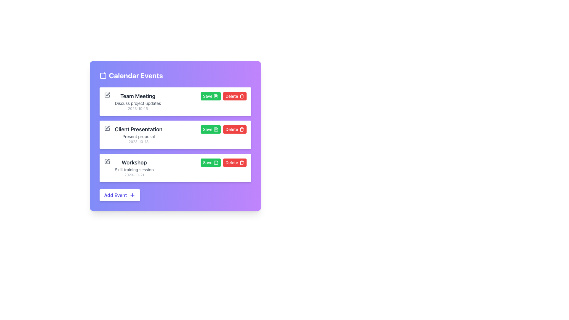 This screenshot has width=569, height=320. Describe the element at coordinates (242, 96) in the screenshot. I see `the delete action icon located at the rightmost side of the 'Delete' button for the calendar event entry` at that location.